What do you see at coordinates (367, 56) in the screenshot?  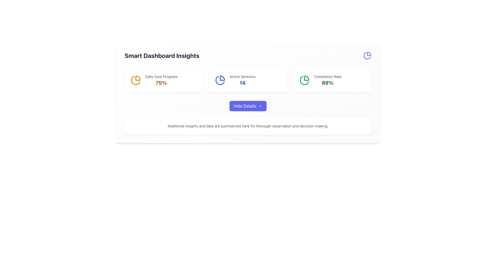 I see `the pie chart icon located to the far right of the 'Smart Dashboard Insights' text heading` at bounding box center [367, 56].